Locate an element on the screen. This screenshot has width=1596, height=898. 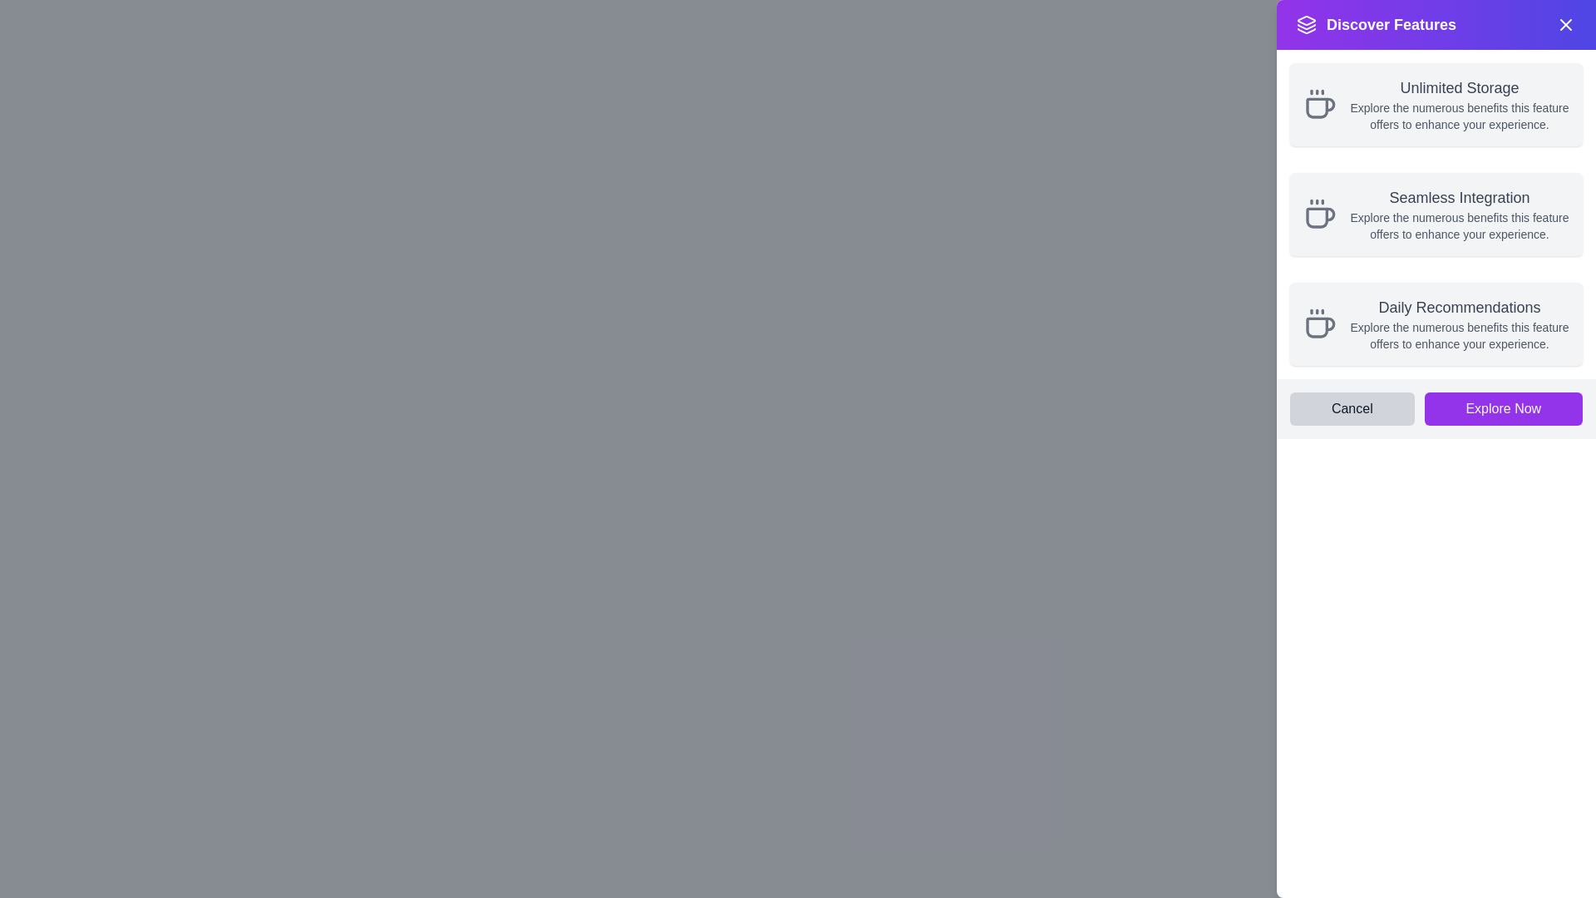
the coffee mug icon with steam lines above it, located beside the 'Seamless Integration' text in the second card of the 'Discover Features' section is located at coordinates (1319, 214).